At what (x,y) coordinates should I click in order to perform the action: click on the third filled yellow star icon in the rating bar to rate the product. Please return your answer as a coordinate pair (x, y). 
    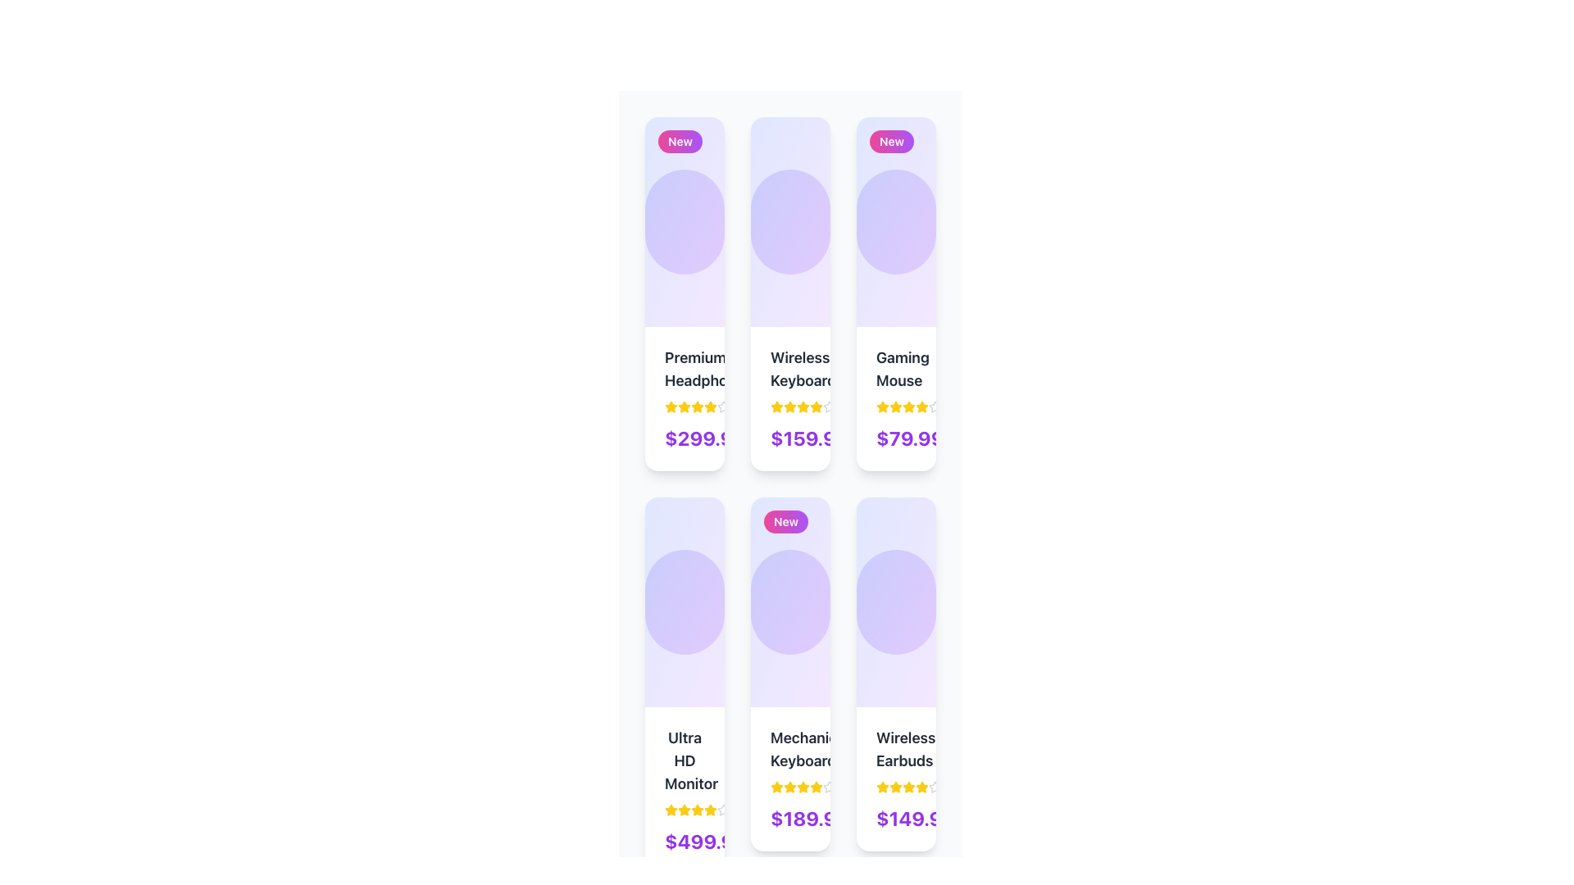
    Looking at the image, I should click on (685, 809).